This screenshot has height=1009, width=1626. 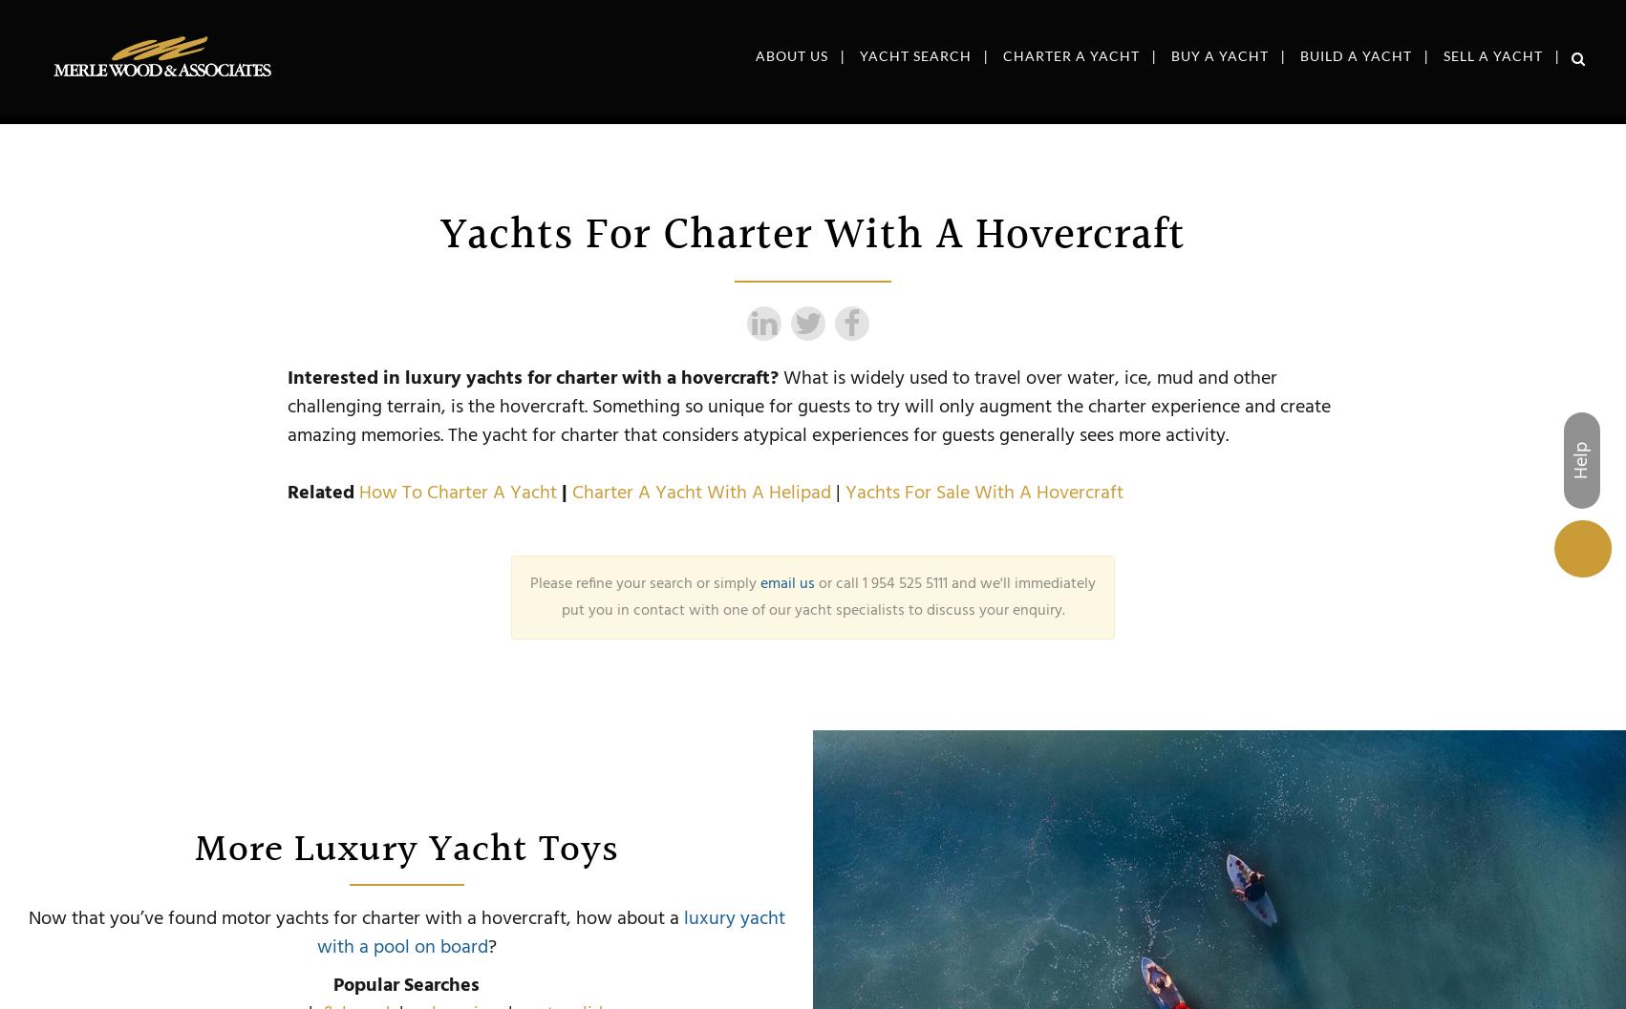 What do you see at coordinates (485, 947) in the screenshot?
I see `'?'` at bounding box center [485, 947].